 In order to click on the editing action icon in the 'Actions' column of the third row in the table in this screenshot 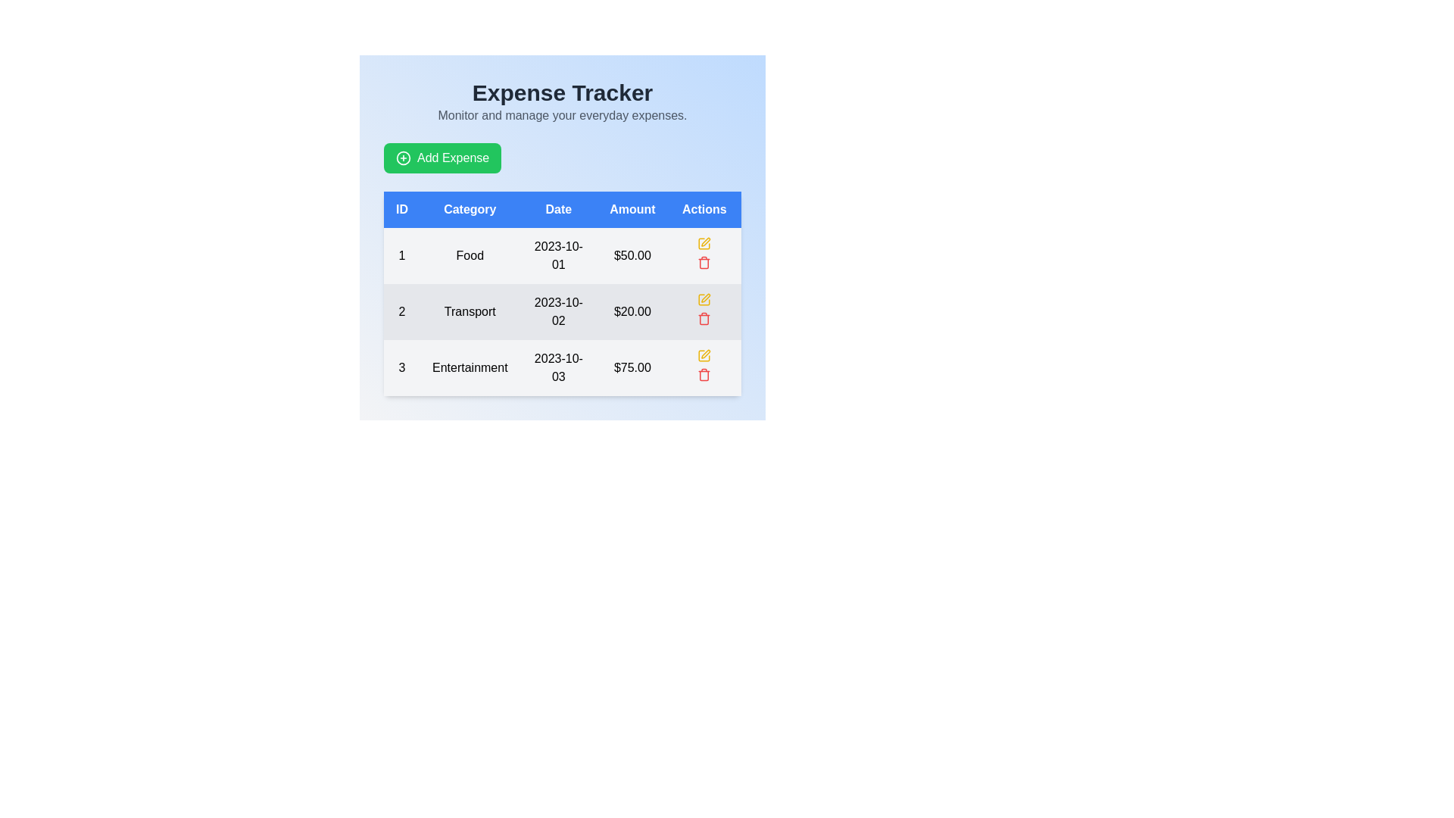, I will do `click(705, 354)`.